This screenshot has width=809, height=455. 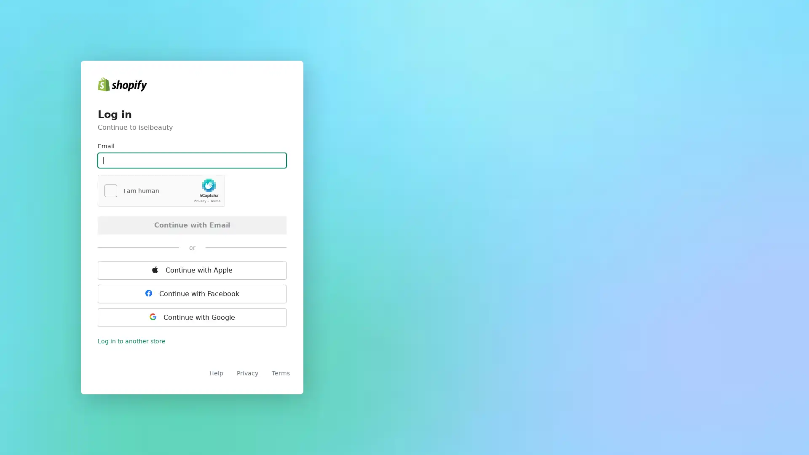 What do you see at coordinates (192, 224) in the screenshot?
I see `Continue with Email` at bounding box center [192, 224].